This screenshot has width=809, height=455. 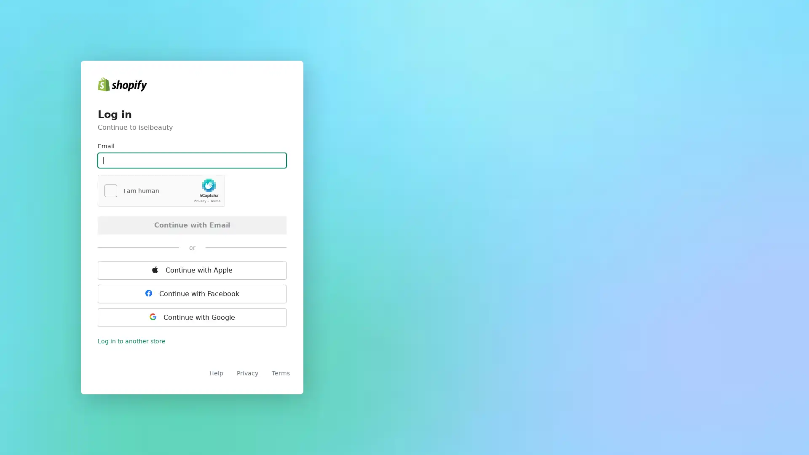 What do you see at coordinates (192, 224) in the screenshot?
I see `Continue with Email` at bounding box center [192, 224].